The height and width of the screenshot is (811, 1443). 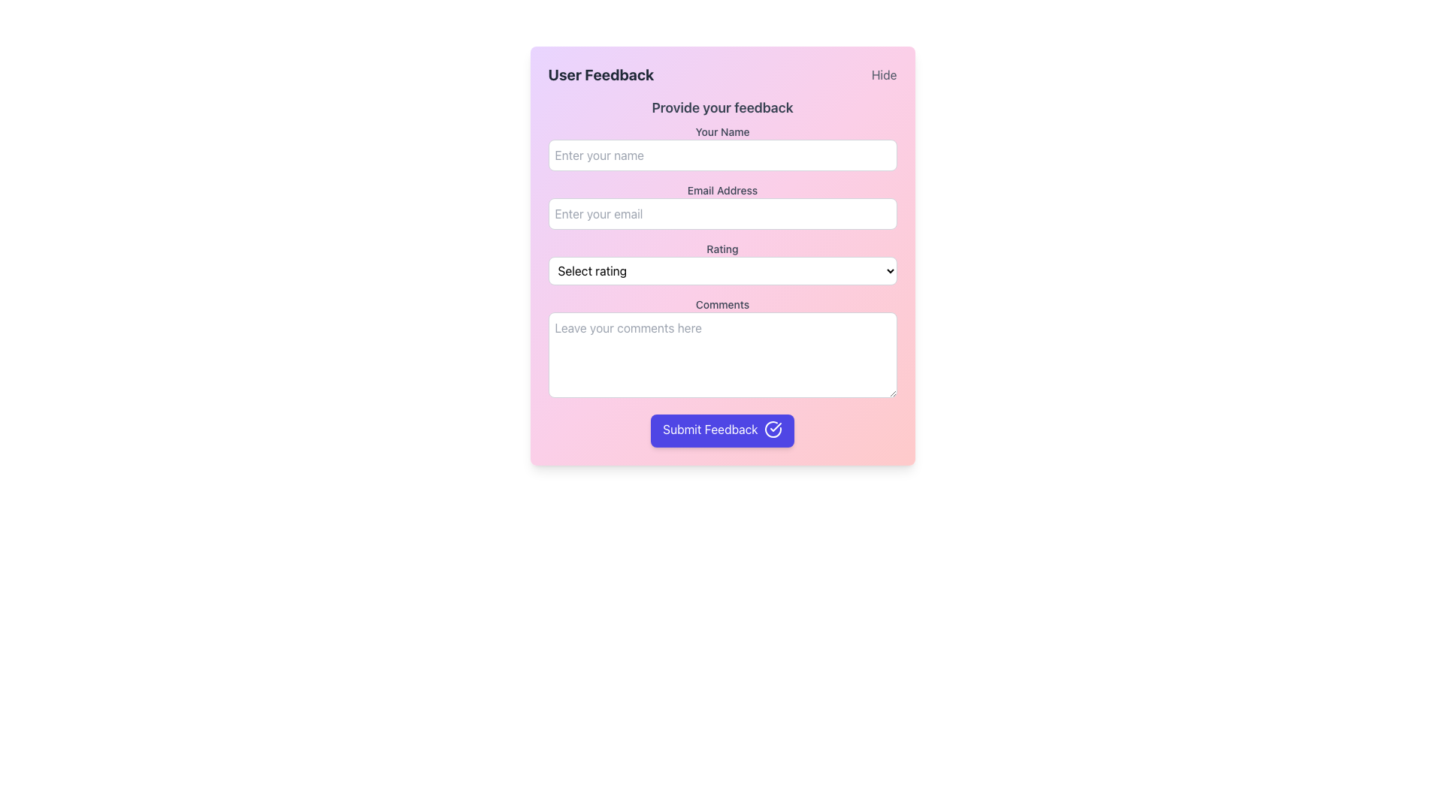 What do you see at coordinates (722, 190) in the screenshot?
I see `the text label reading 'Email Address', which is styled in gray and positioned above the email input field in the feedback form` at bounding box center [722, 190].